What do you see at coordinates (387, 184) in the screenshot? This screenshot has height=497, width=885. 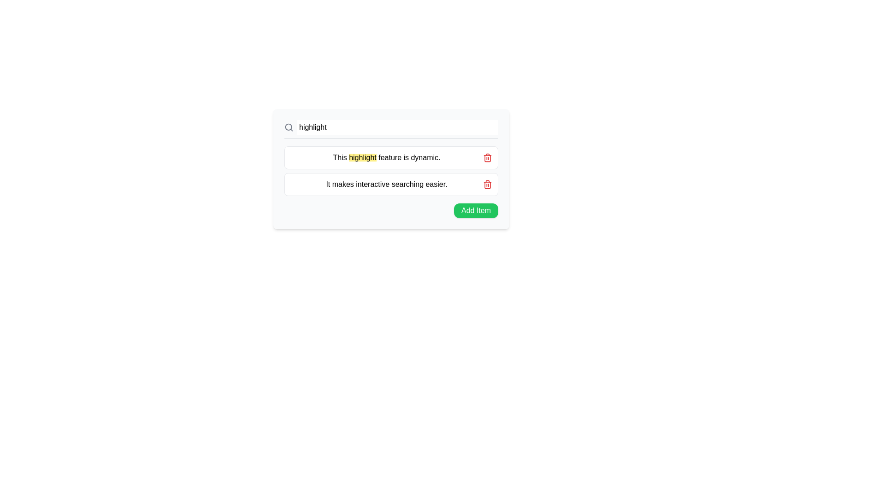 I see `the static text element that describes a feature related to interactive searching, positioned as the second entry in a vertical list below the text 'This highlight feature is dynamic'` at bounding box center [387, 184].